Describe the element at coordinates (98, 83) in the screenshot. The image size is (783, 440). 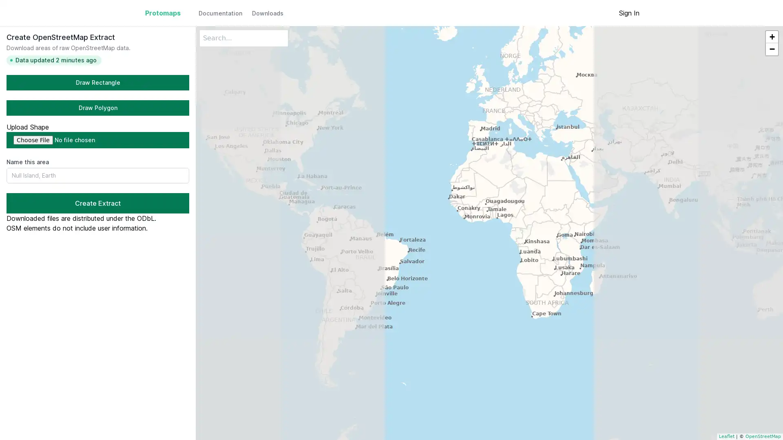
I see `Draw Rectangle` at that location.